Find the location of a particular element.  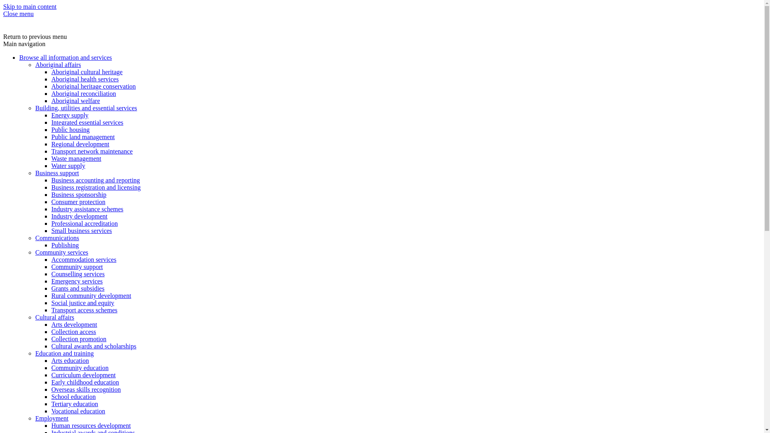

'Cultural affairs' is located at coordinates (54, 317).